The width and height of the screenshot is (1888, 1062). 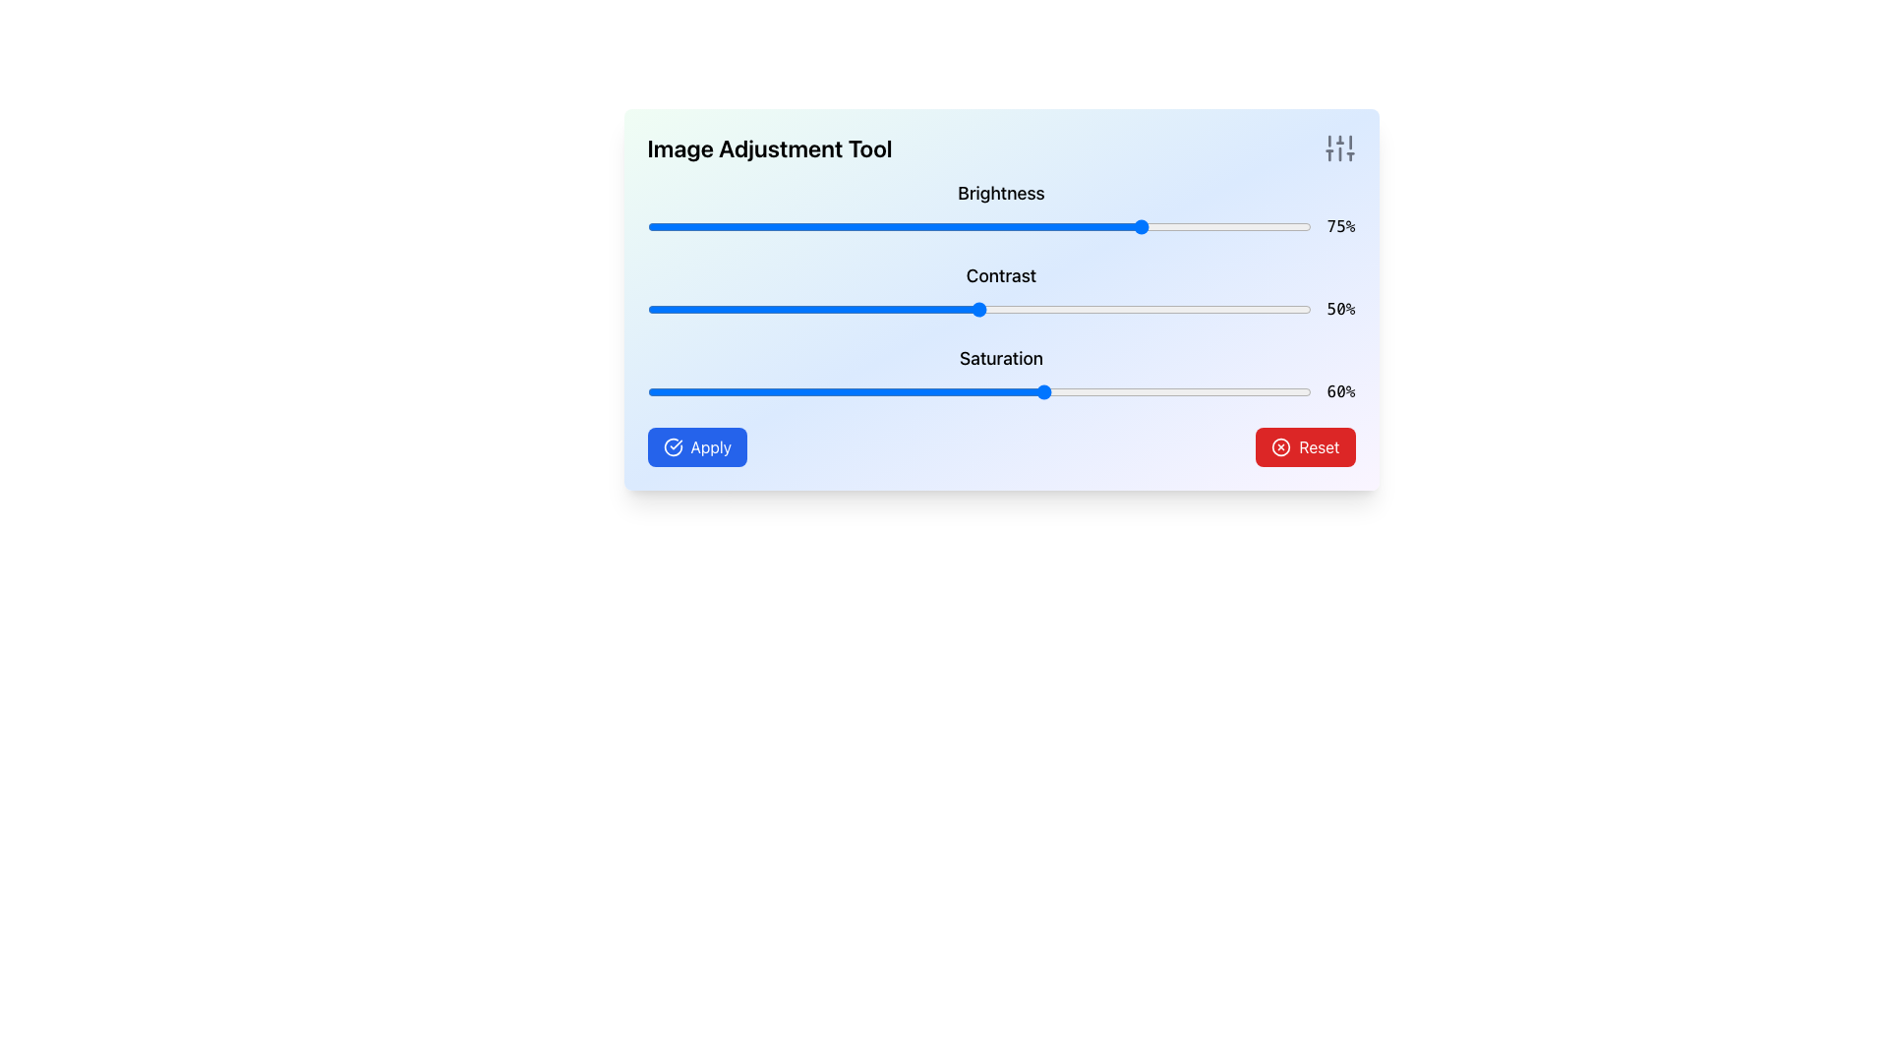 What do you see at coordinates (878, 391) in the screenshot?
I see `the saturation` at bounding box center [878, 391].